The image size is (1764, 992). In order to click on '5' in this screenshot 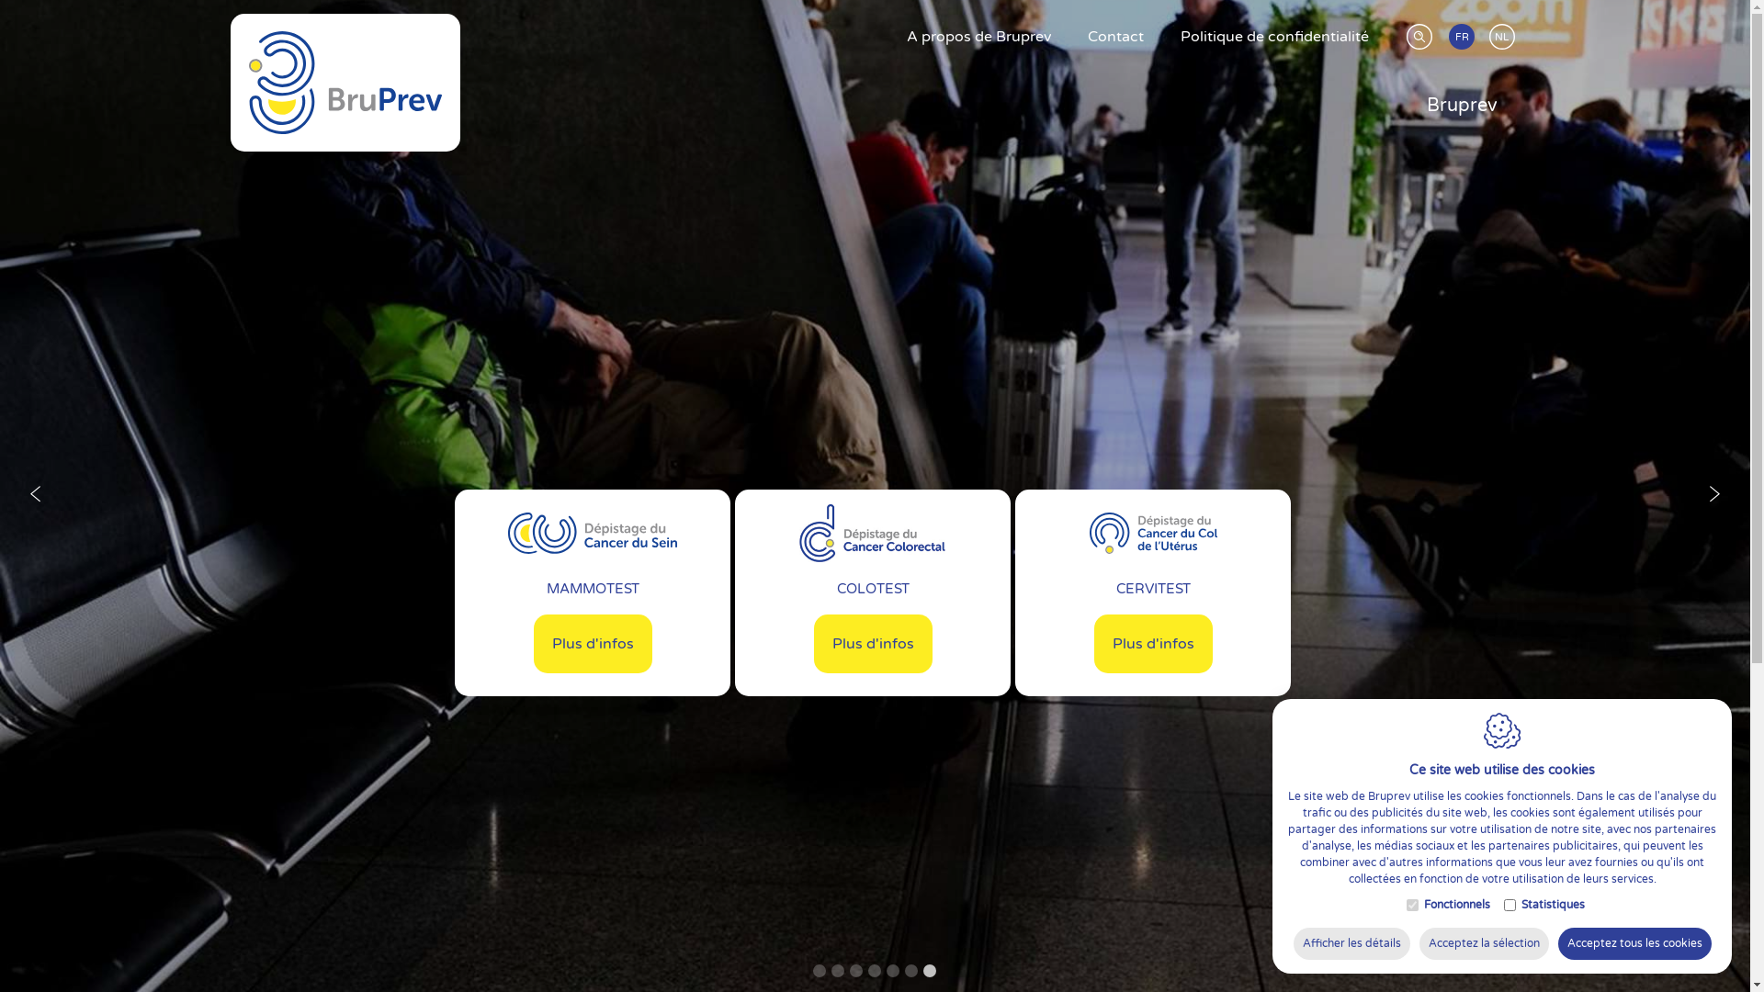, I will do `click(891, 969)`.